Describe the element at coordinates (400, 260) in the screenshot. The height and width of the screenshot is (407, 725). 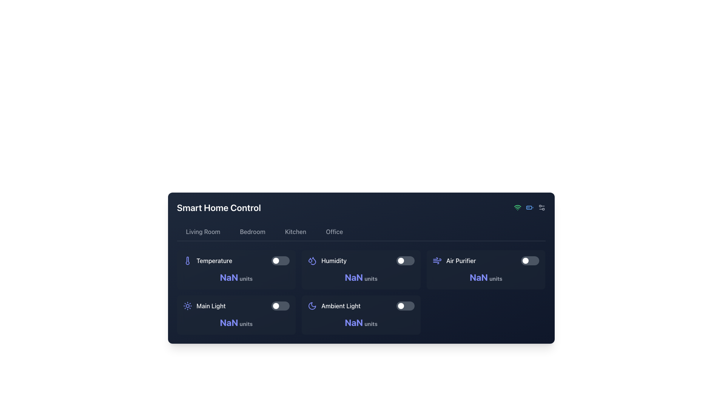
I see `the toggle marker within the toggle switch in the control panel to indicate its current state` at that location.